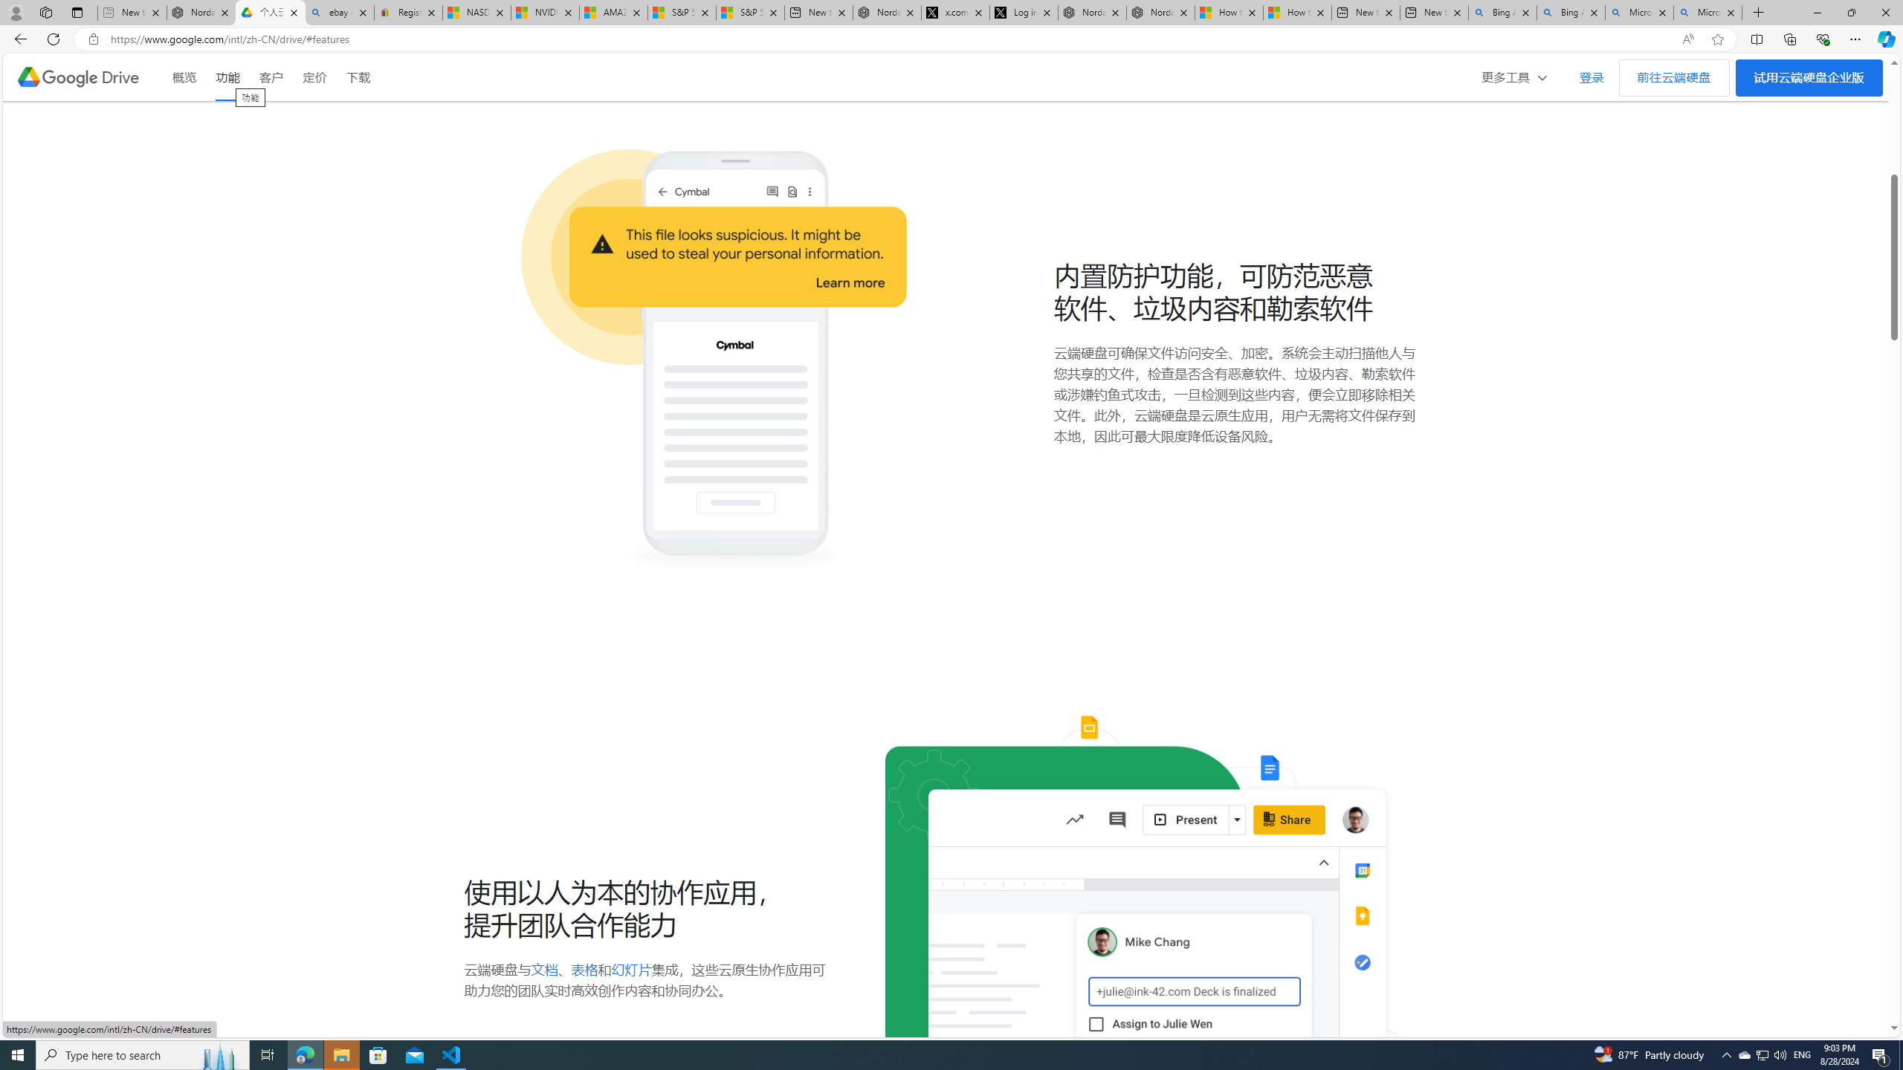 This screenshot has width=1903, height=1070. I want to click on 'x.com/NordaceOfficial', so click(954, 12).